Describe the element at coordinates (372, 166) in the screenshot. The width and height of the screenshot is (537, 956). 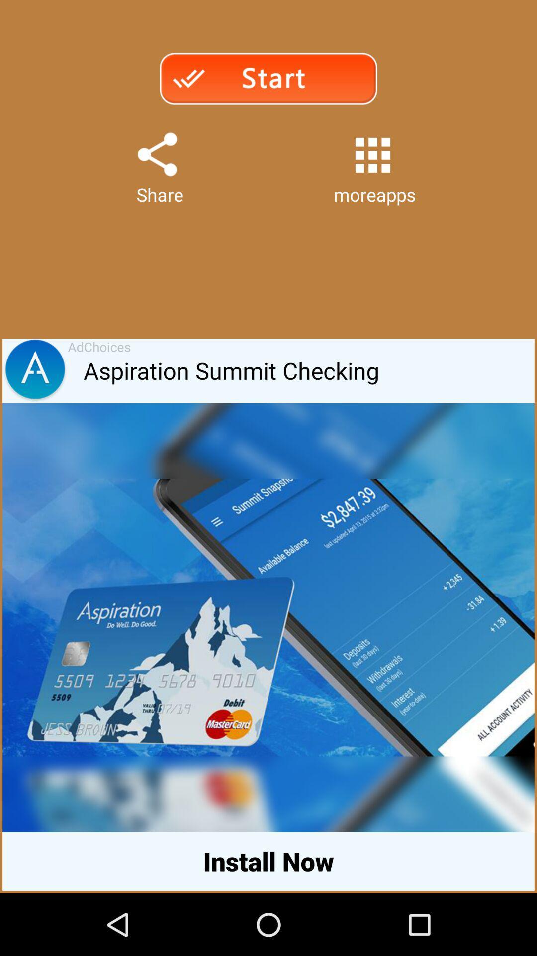
I see `the dialpad icon` at that location.